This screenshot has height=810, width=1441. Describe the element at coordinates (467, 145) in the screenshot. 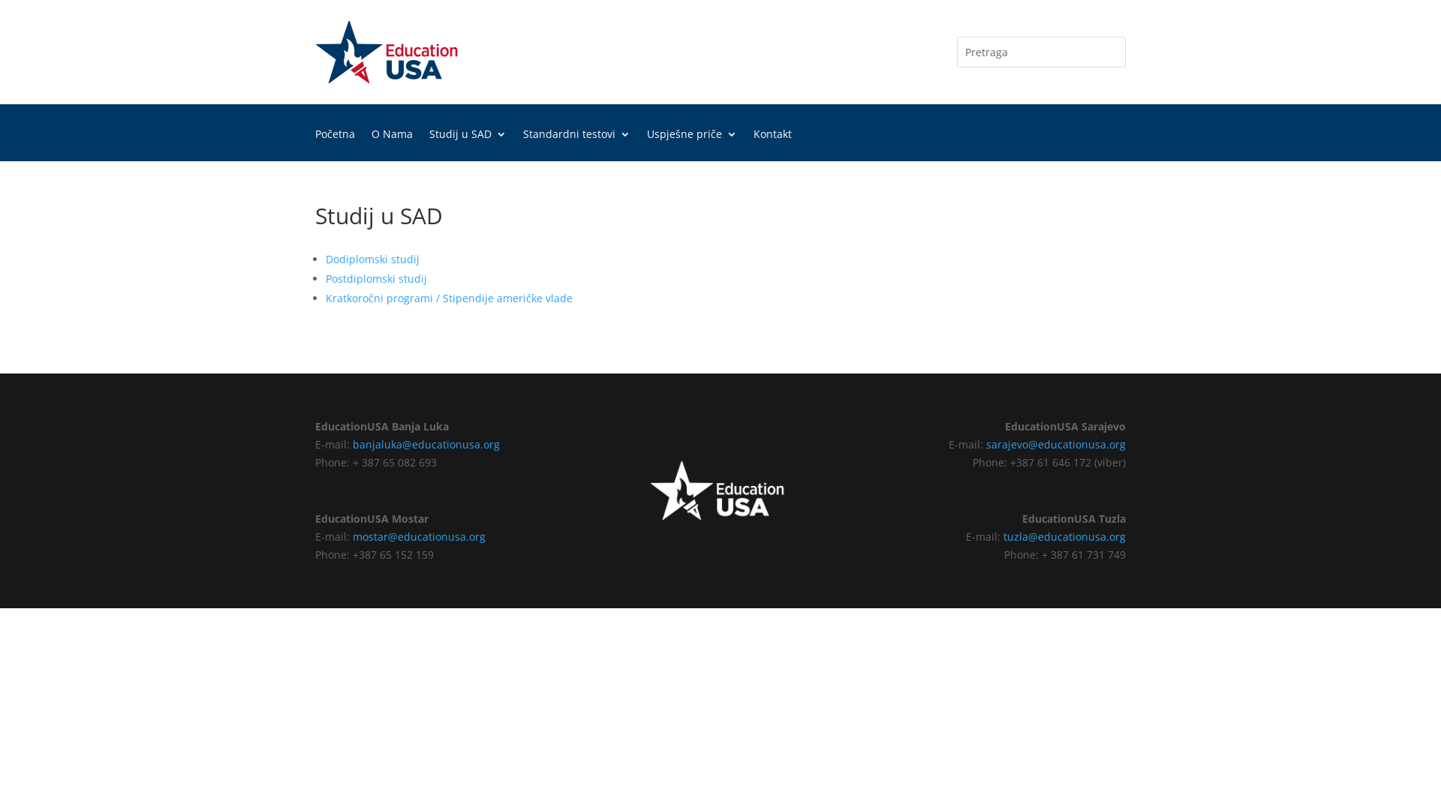

I see `'Studij u SAD'` at that location.